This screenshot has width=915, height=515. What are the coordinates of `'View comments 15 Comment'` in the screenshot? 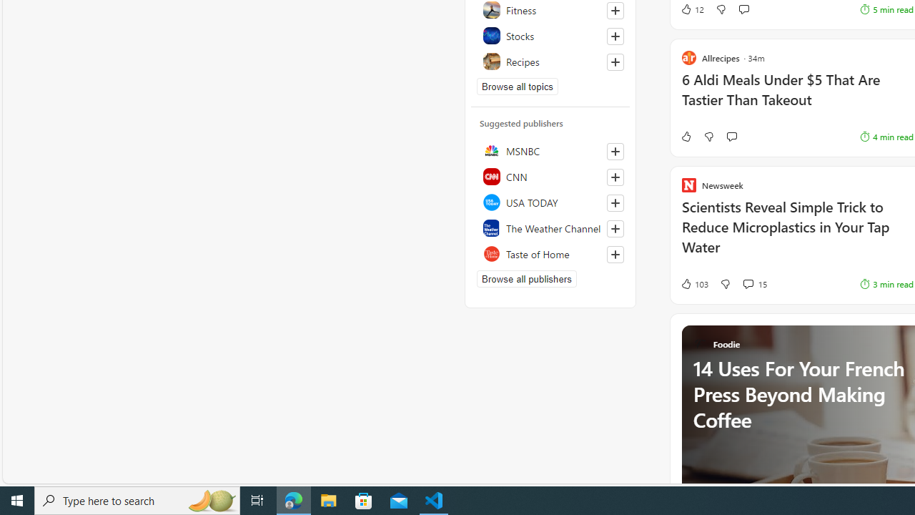 It's located at (754, 284).